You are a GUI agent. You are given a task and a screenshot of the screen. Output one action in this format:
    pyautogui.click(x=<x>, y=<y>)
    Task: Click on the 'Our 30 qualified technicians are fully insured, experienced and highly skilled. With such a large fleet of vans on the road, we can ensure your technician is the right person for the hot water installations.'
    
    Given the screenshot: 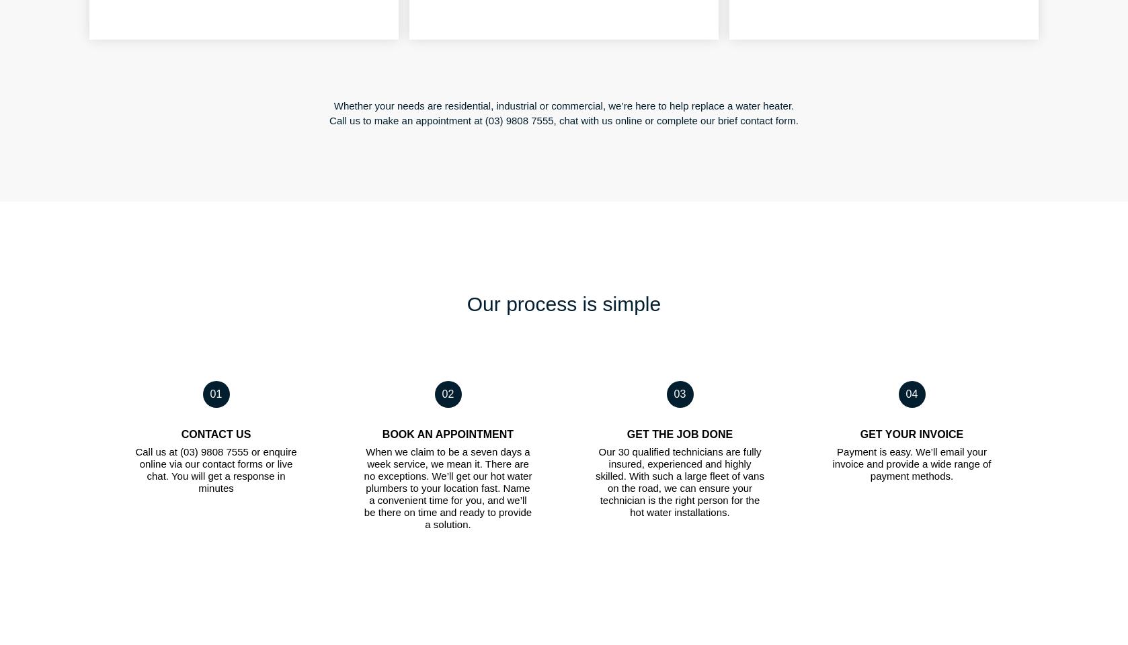 What is the action you would take?
    pyautogui.click(x=679, y=481)
    